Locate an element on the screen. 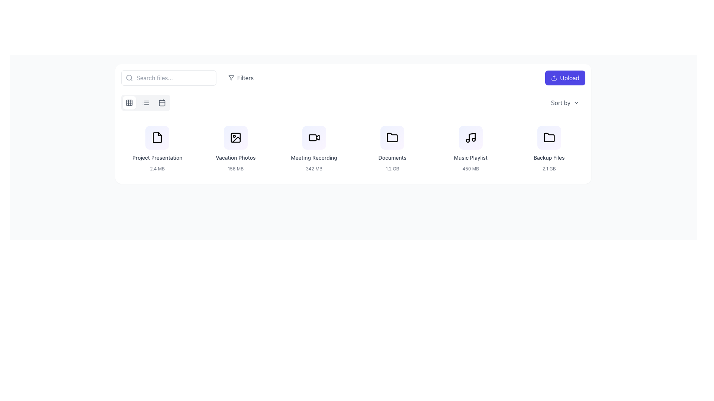 The image size is (714, 401). the Ellipsis menu button located in the top-right corner of the 'Meeting Recording' file card is located at coordinates (342, 127).